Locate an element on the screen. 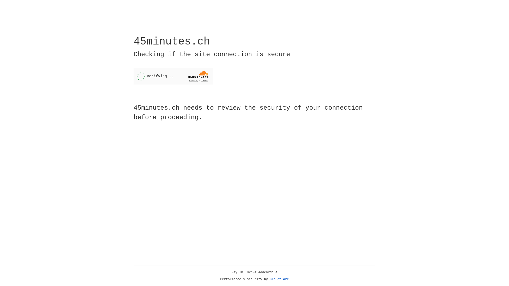  'Widget containing a Cloudflare security challenge' is located at coordinates (173, 76).